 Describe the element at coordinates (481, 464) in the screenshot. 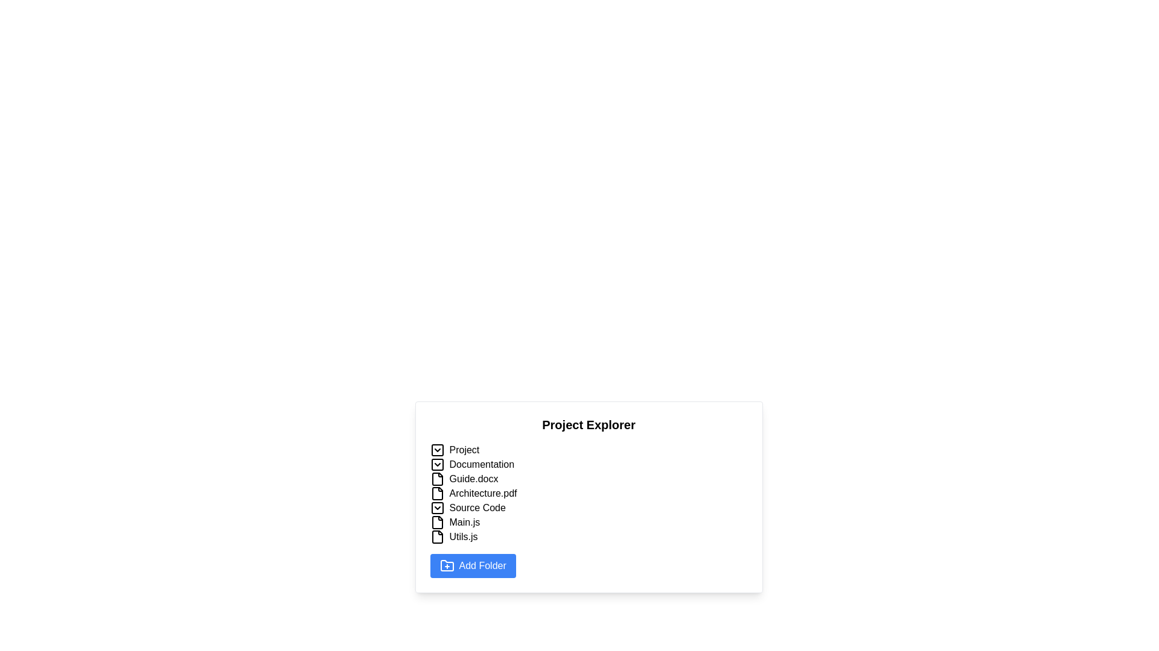

I see `on the 'Documentation' text label` at that location.